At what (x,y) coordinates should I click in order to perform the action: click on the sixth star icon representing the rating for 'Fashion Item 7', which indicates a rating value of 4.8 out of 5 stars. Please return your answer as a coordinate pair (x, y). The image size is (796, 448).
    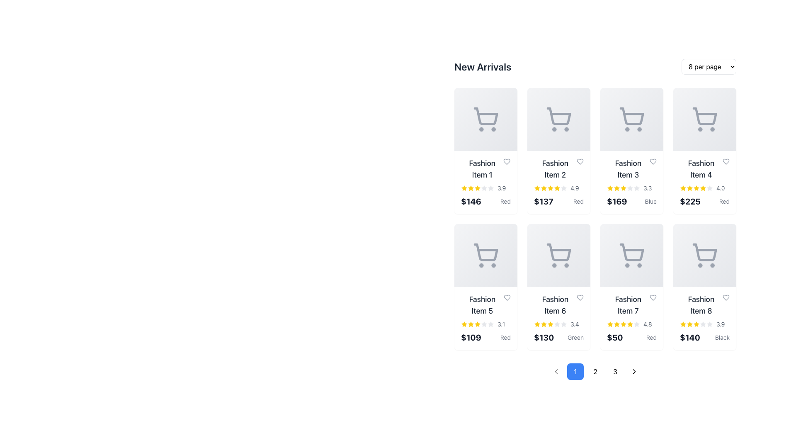
    Looking at the image, I should click on (630, 324).